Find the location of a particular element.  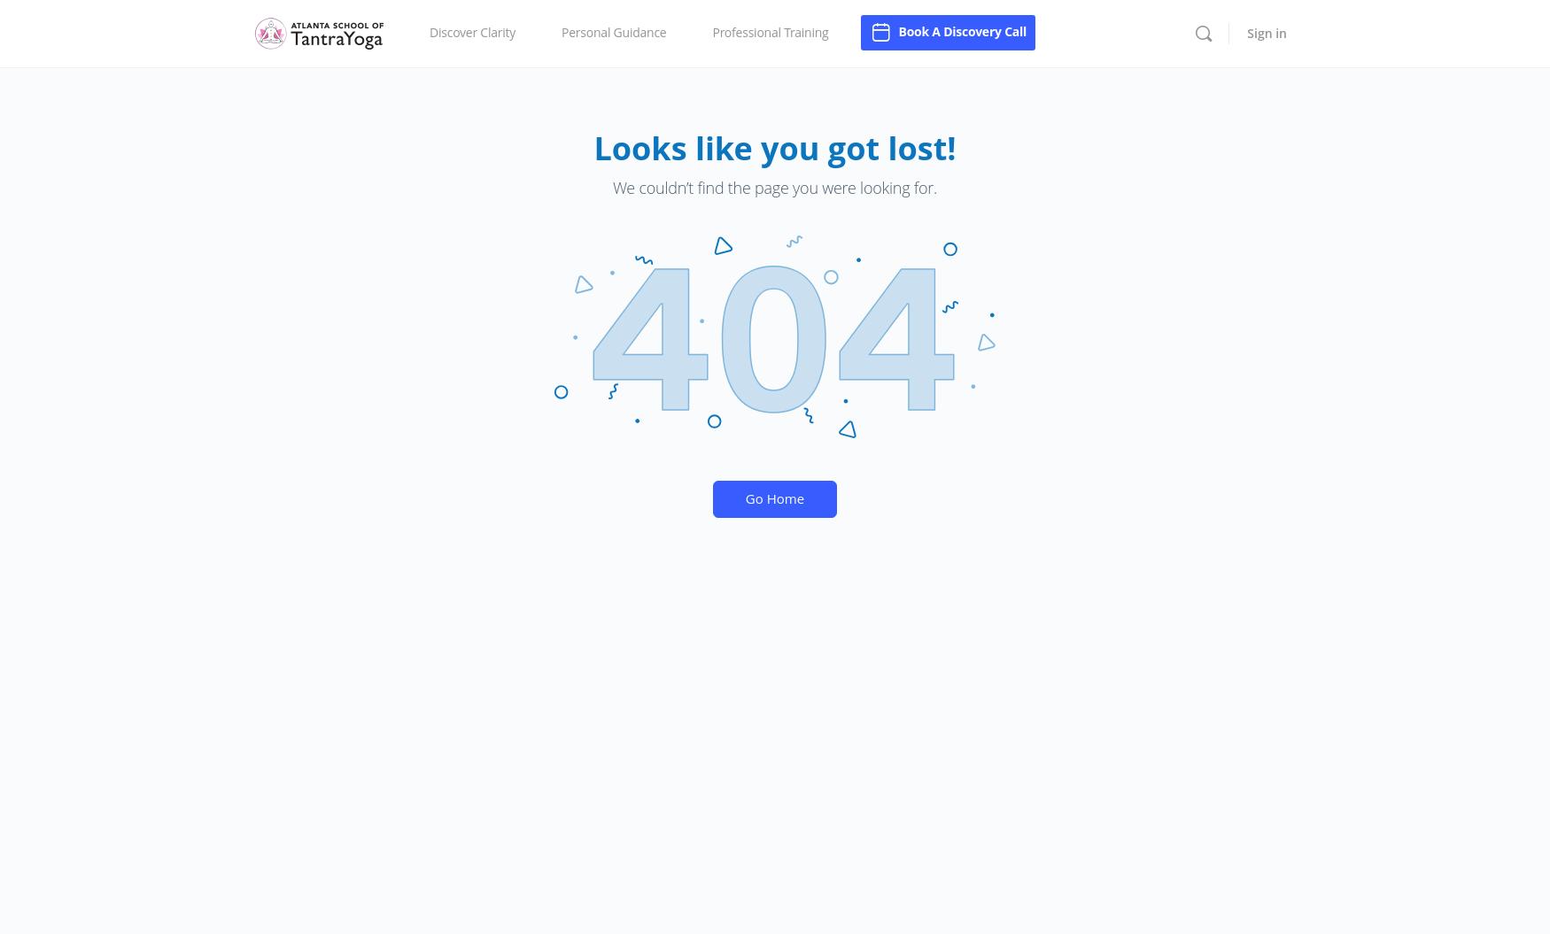

'Ecstatic Relationship® Coaching for Couples' is located at coordinates (563, 135).